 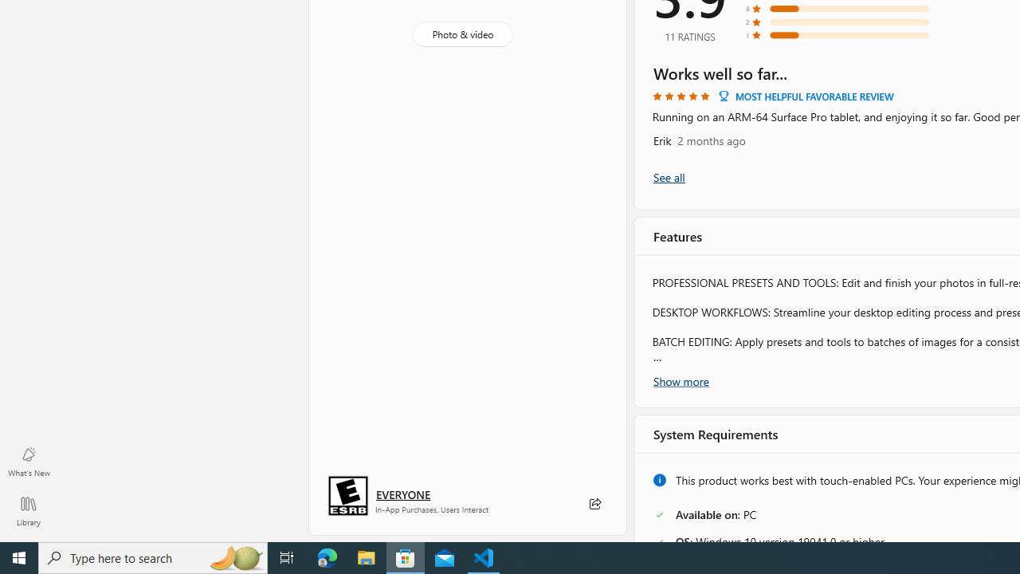 What do you see at coordinates (28, 461) in the screenshot?
I see `'What'` at bounding box center [28, 461].